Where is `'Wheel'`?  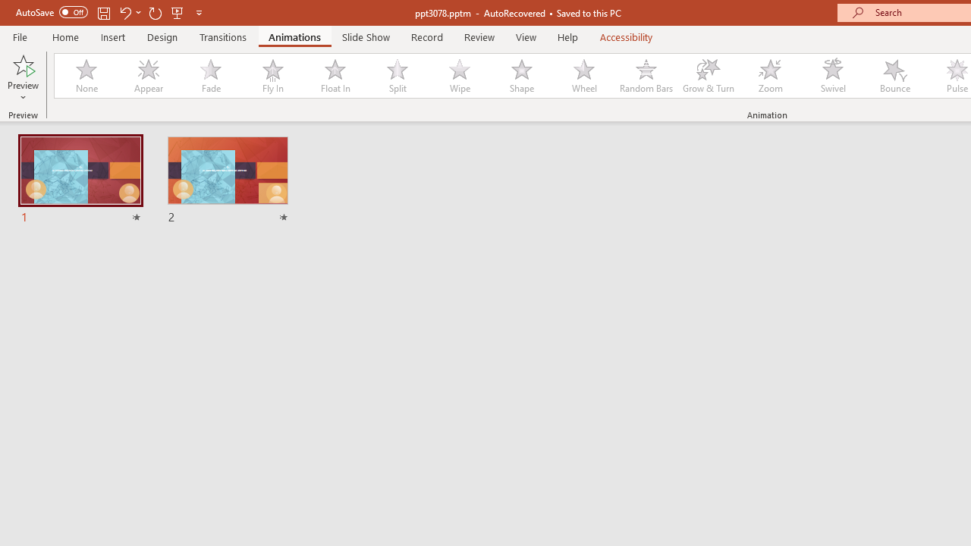
'Wheel' is located at coordinates (583, 76).